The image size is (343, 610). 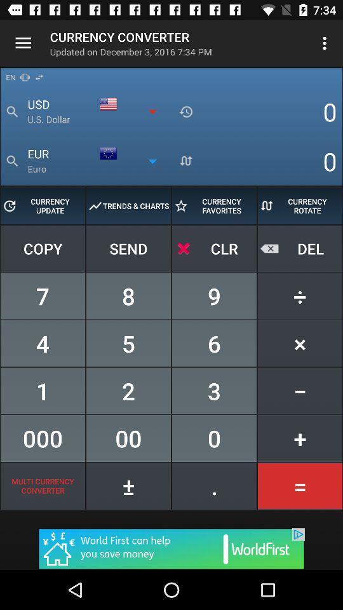 What do you see at coordinates (98, 161) in the screenshot?
I see `the field euro` at bounding box center [98, 161].